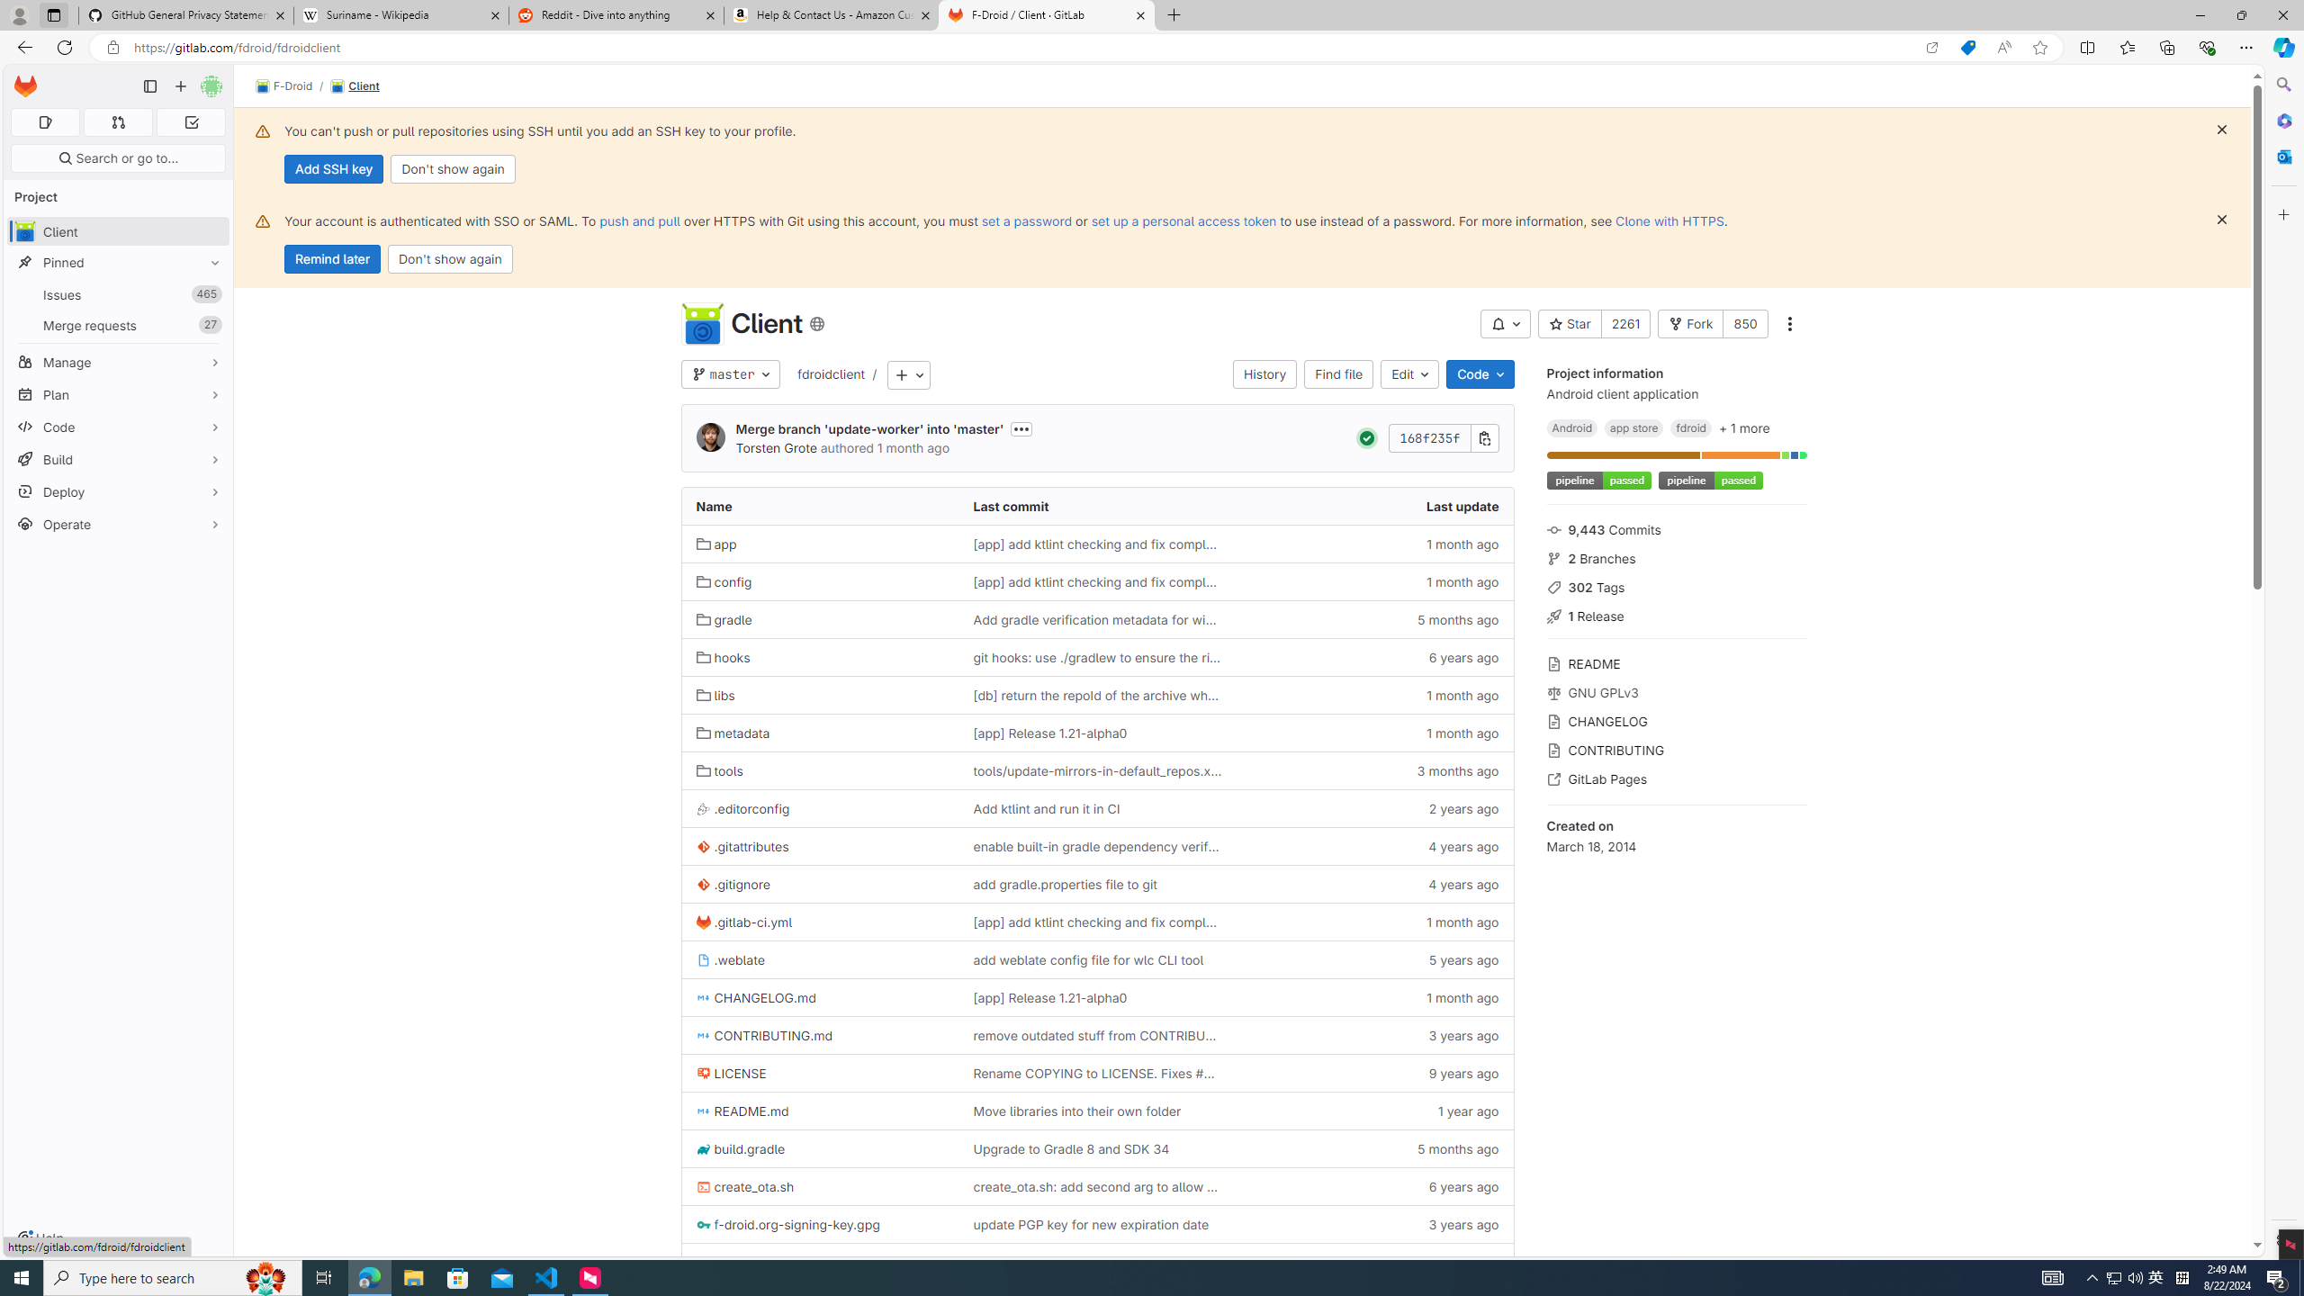 This screenshot has height=1296, width=2304. Describe the element at coordinates (1676, 777) in the screenshot. I see `'GitLab Pages'` at that location.